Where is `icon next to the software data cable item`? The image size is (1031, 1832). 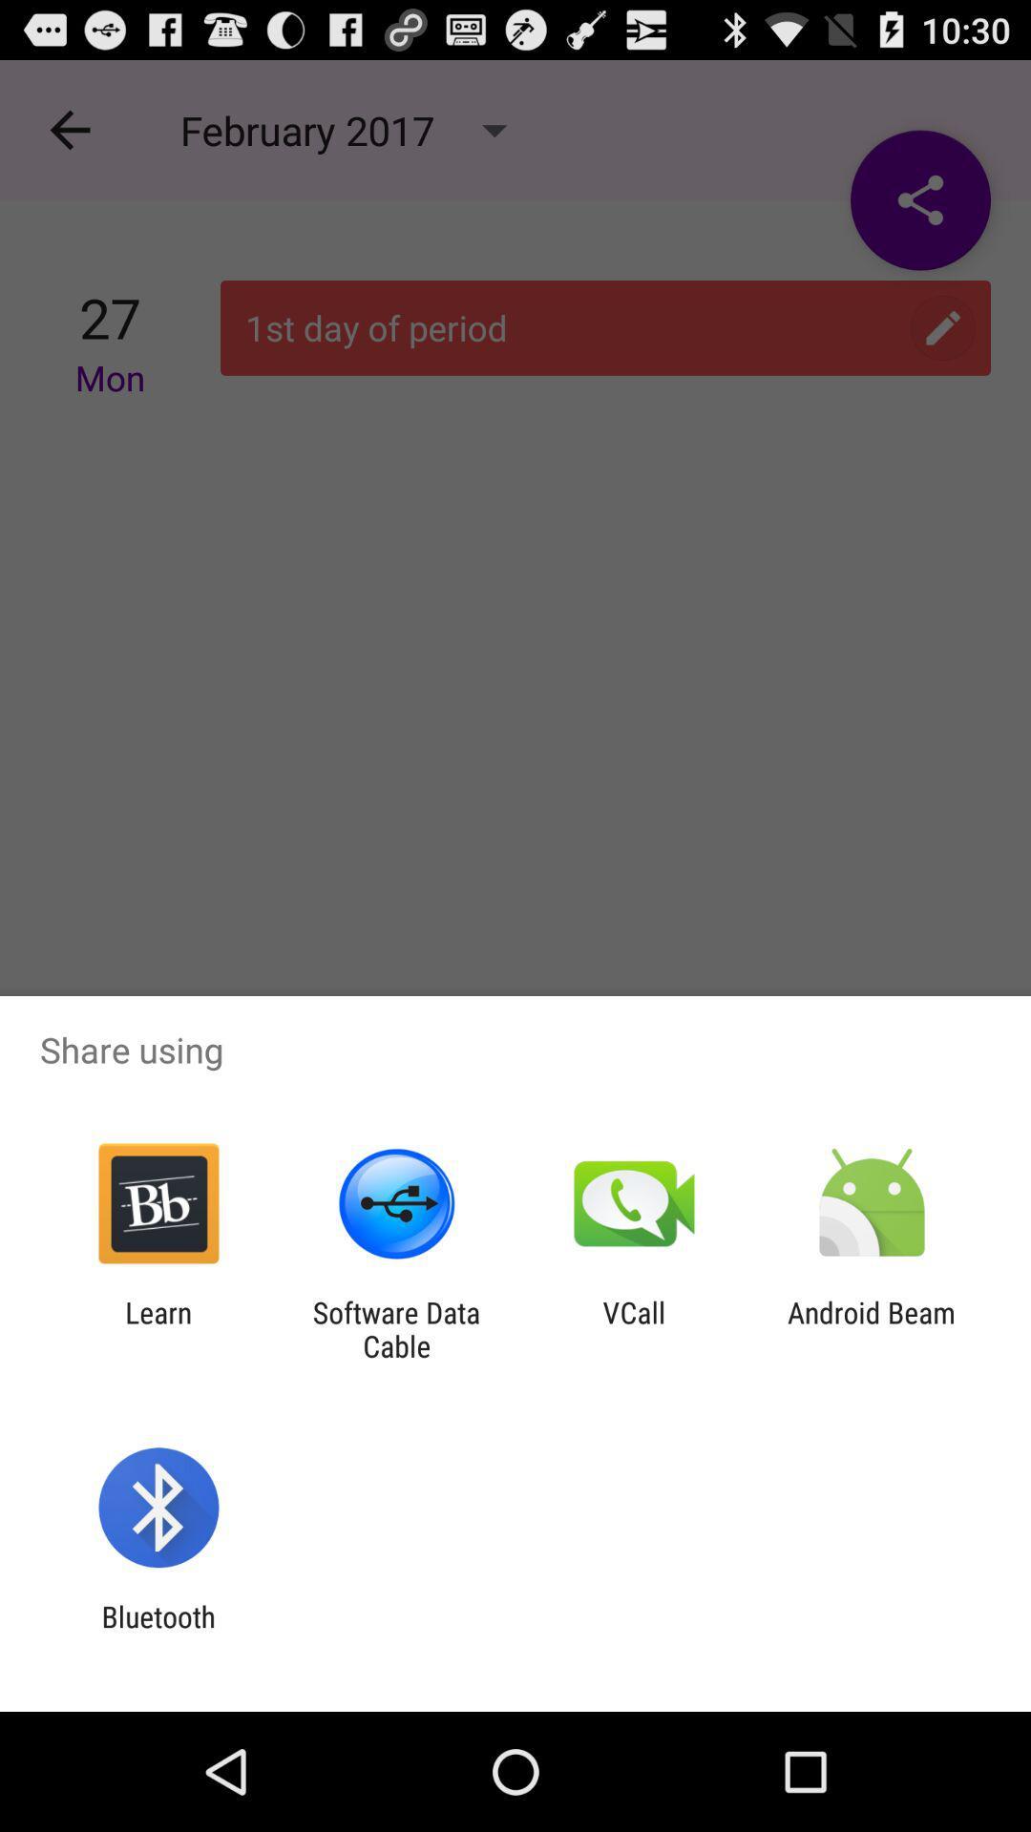 icon next to the software data cable item is located at coordinates (158, 1328).